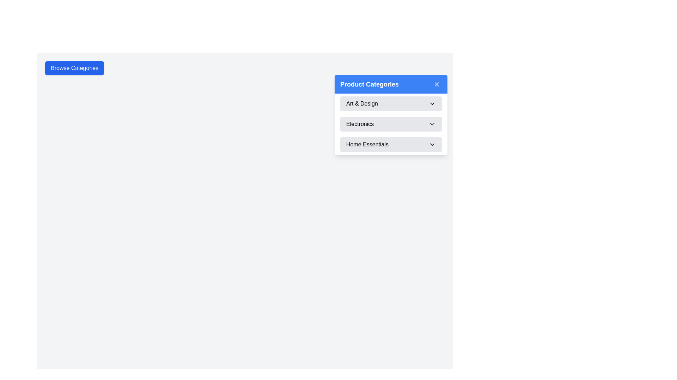 This screenshot has height=380, width=677. What do you see at coordinates (390, 115) in the screenshot?
I see `the Dropdown menu item with a light gray background located at the top-right corner of the interface, below the 'Browse Categories' button` at bounding box center [390, 115].